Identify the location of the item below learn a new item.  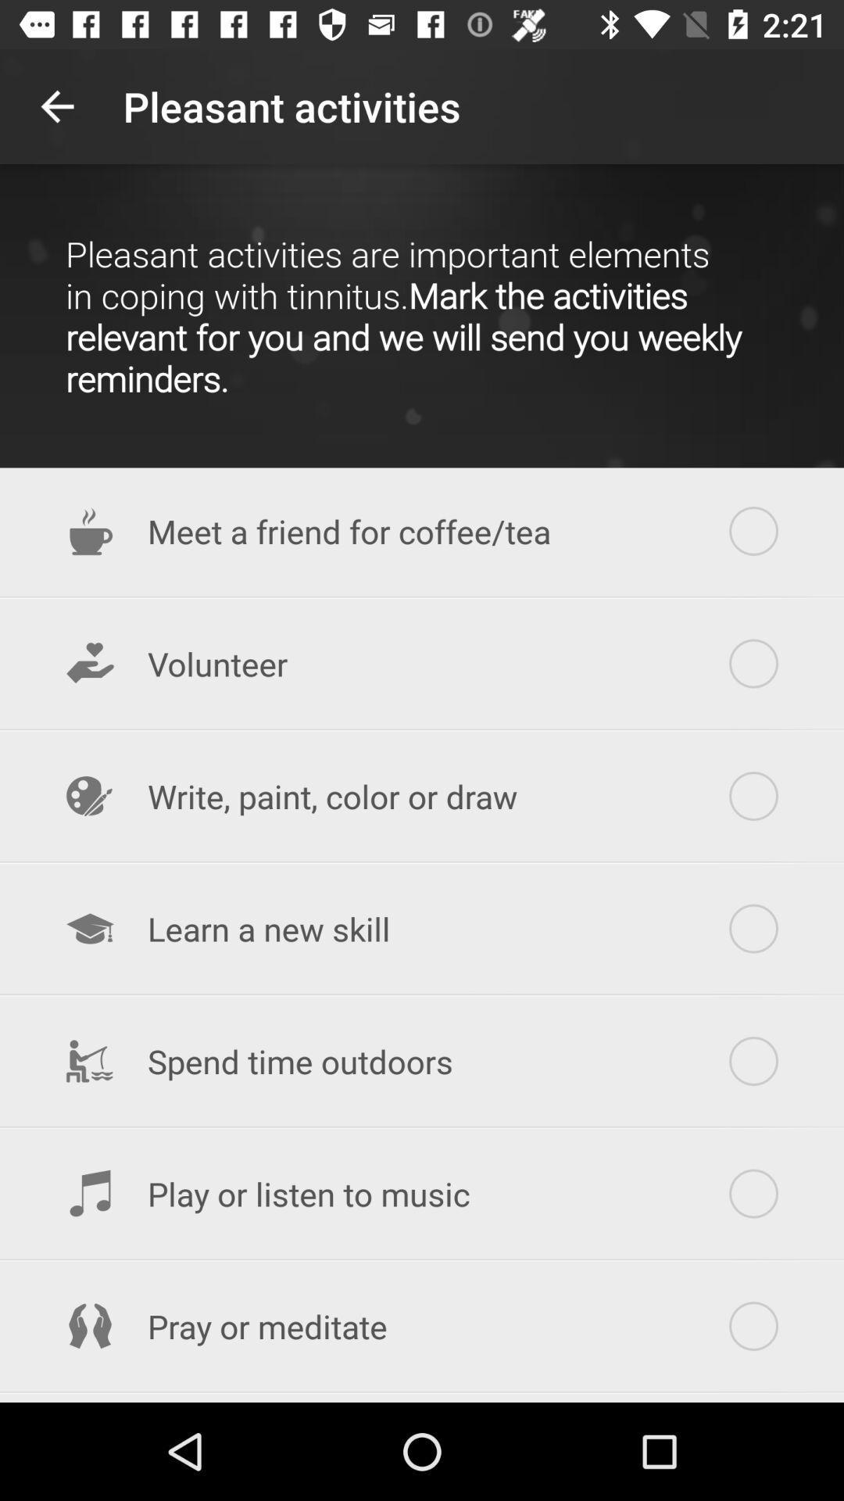
(422, 1061).